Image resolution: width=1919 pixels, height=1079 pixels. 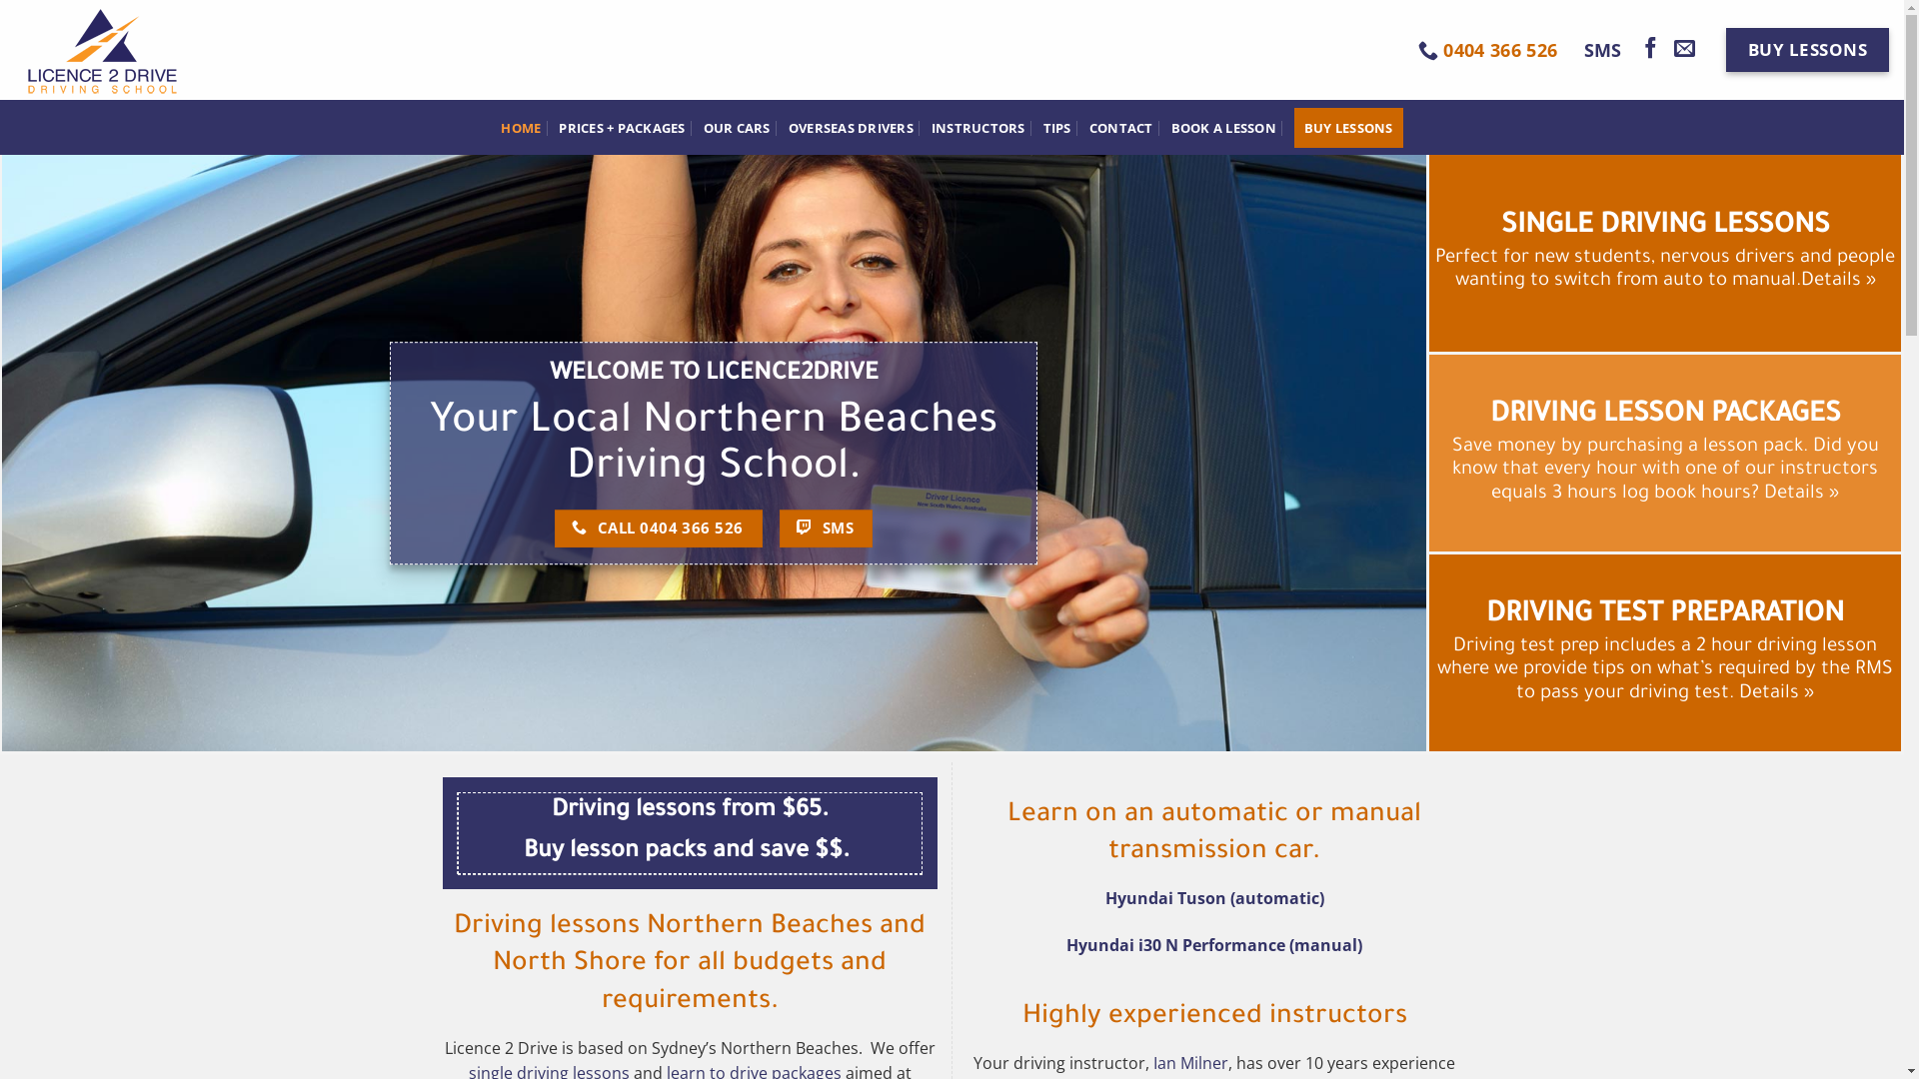 I want to click on 'BOOK A LESSON', so click(x=1222, y=127).